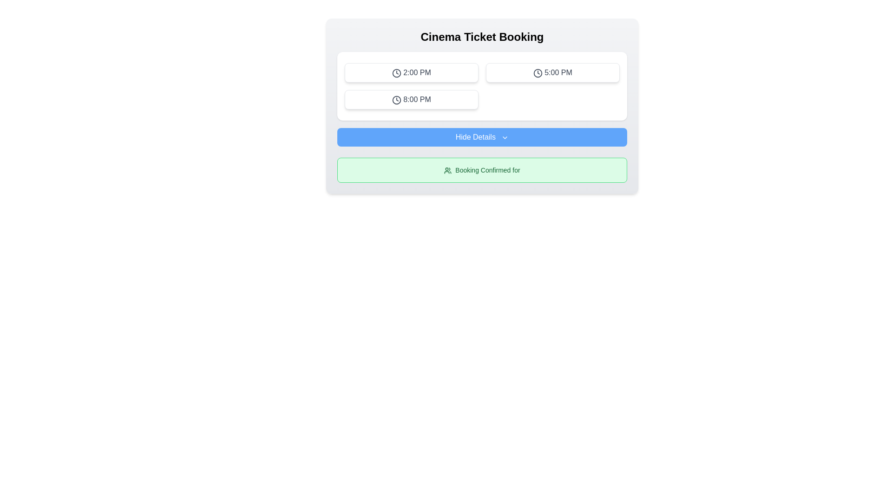 Image resolution: width=892 pixels, height=501 pixels. What do you see at coordinates (397, 100) in the screenshot?
I see `the circular graphical element of the clock icon that represents the '8:00 PM' schedule option` at bounding box center [397, 100].